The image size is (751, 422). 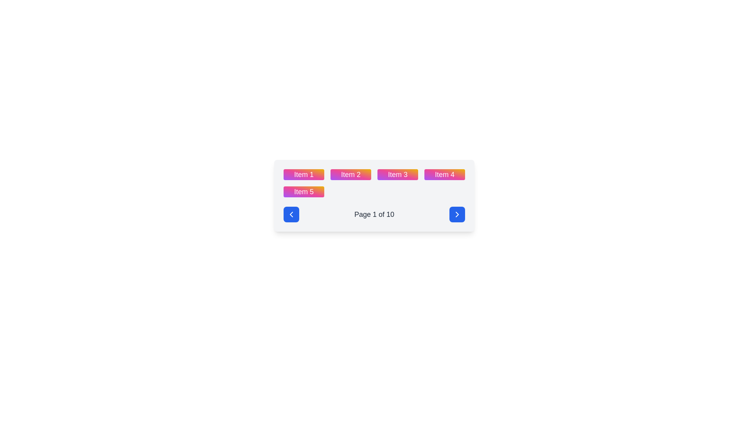 I want to click on the navigation button located to the left of the text 'Page 1 of 10' to go to the previous page, so click(x=291, y=214).